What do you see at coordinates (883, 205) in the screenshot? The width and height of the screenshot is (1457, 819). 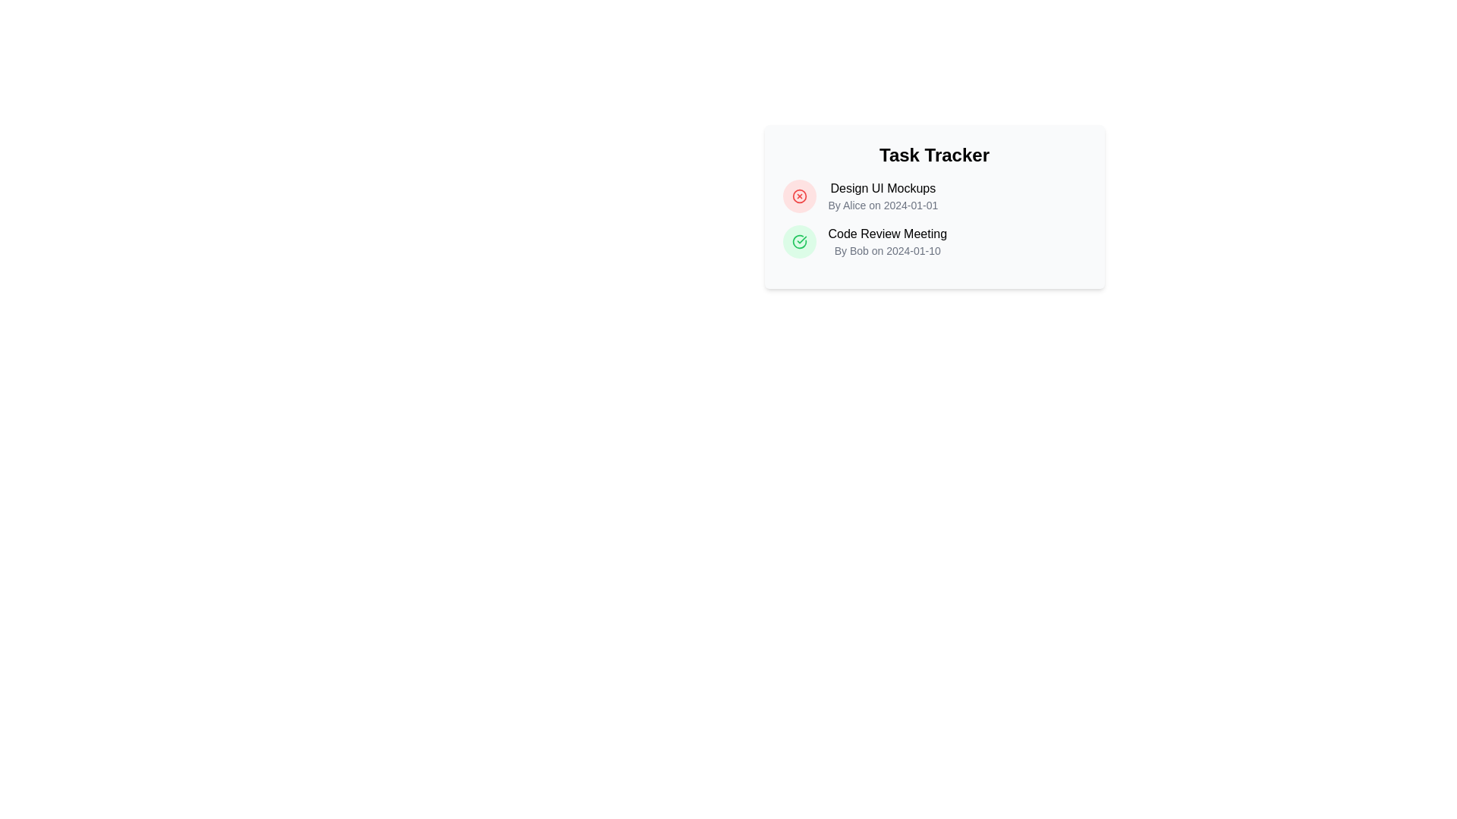 I see `the text label displaying metadata about the author and date, located beneath the 'Design UI Mockups' title in the upper-right side of the 'Task Tracker' card` at bounding box center [883, 205].